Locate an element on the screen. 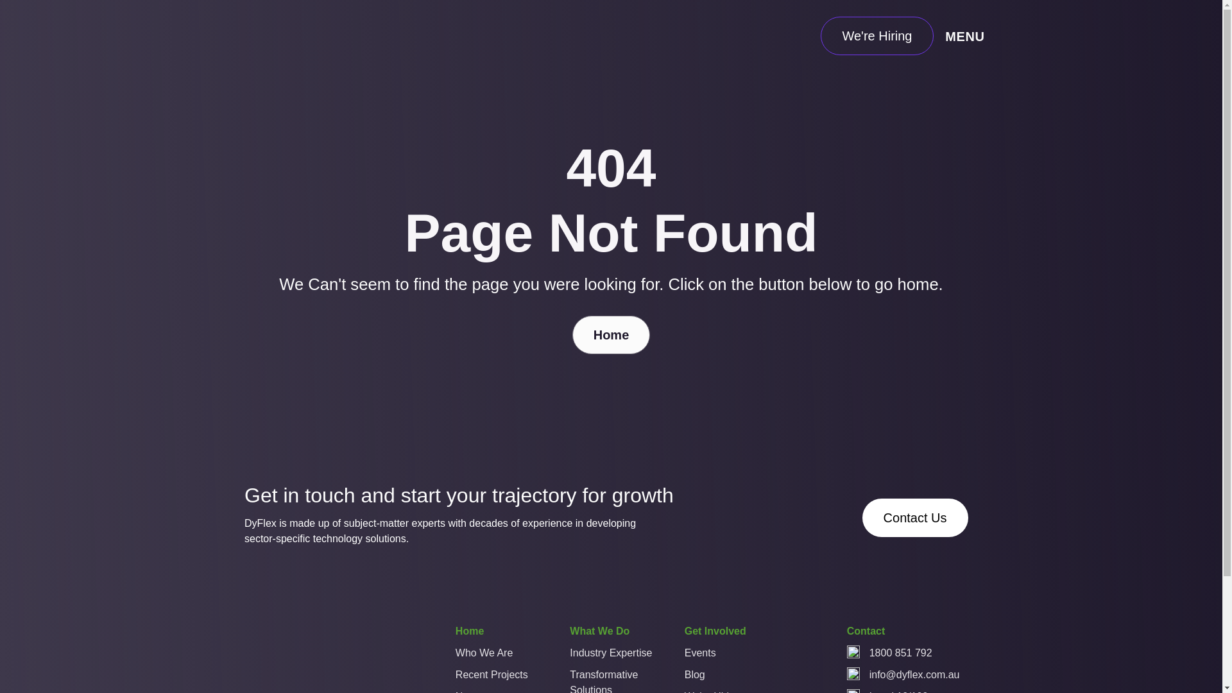  'Home' is located at coordinates (468, 633).